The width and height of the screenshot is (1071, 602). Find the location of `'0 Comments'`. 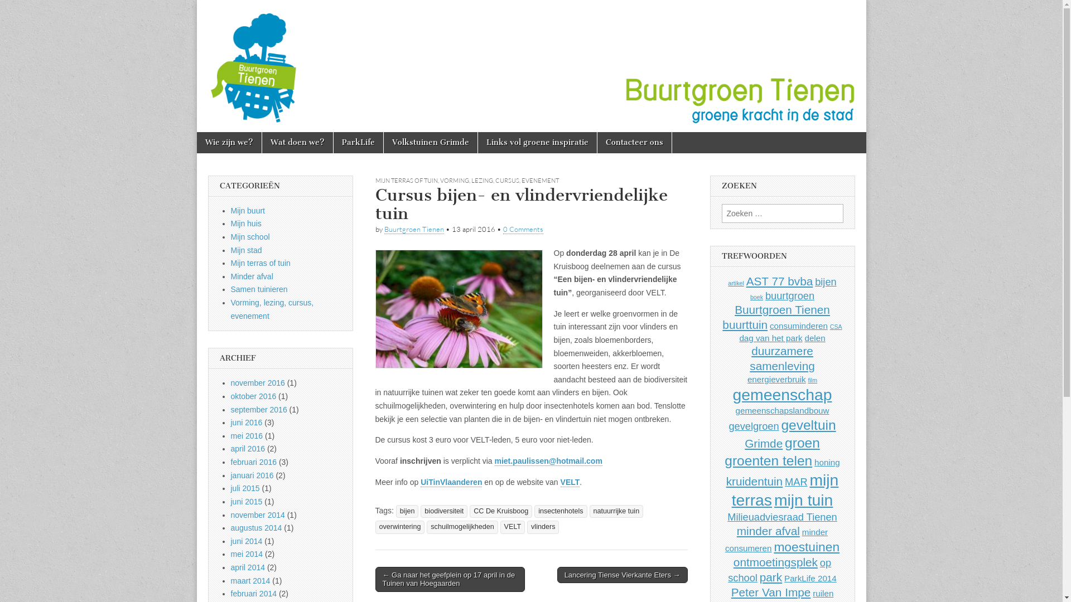

'0 Comments' is located at coordinates (522, 229).